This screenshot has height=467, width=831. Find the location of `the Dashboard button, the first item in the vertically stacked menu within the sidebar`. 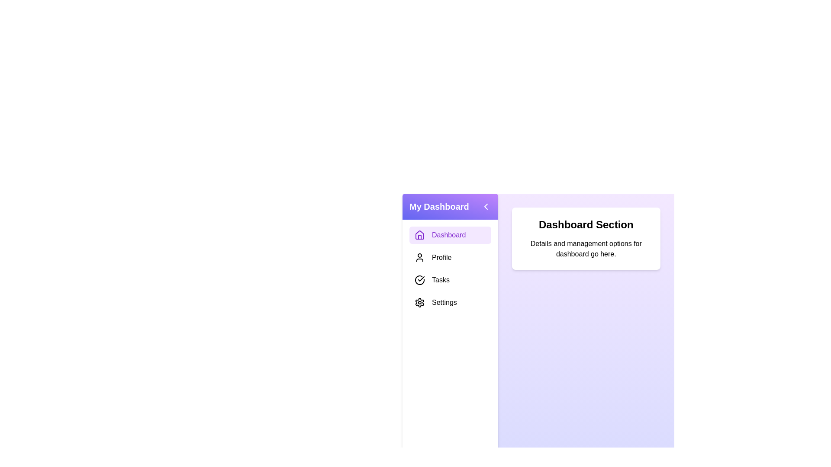

the Dashboard button, the first item in the vertically stacked menu within the sidebar is located at coordinates (450, 235).